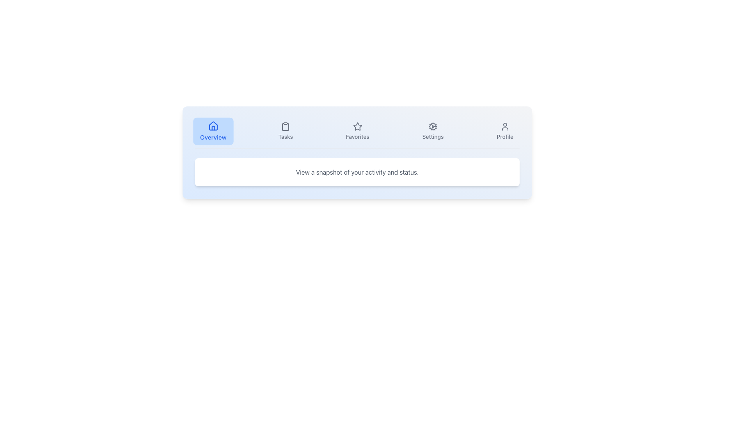 The height and width of the screenshot is (421, 749). Describe the element at coordinates (213, 126) in the screenshot. I see `the leftmost icon in the navigation menu that redirects to the 'Overview' page, which is situated directly above the text 'Overview'` at that location.